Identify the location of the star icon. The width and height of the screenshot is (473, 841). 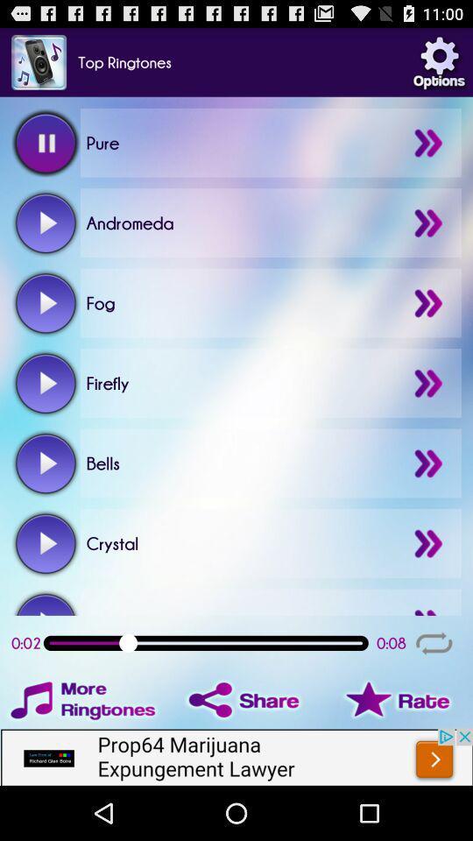
(390, 747).